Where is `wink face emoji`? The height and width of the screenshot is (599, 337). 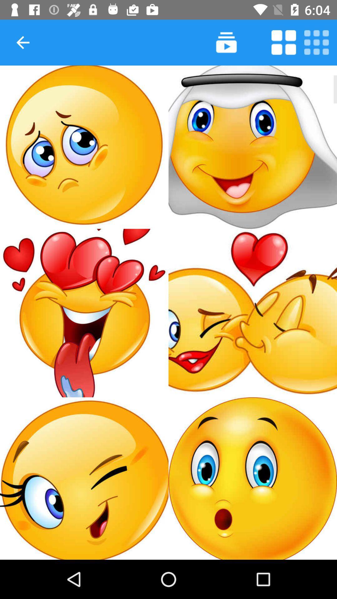 wink face emoji is located at coordinates (84, 478).